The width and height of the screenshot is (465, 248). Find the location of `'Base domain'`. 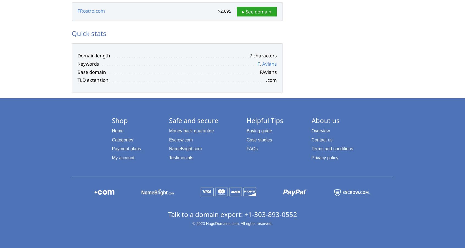

'Base domain' is located at coordinates (92, 71).